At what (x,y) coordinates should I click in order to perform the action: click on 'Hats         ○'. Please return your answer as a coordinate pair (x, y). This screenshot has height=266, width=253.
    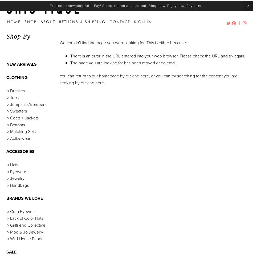
    Looking at the image, I should click on (29, 221).